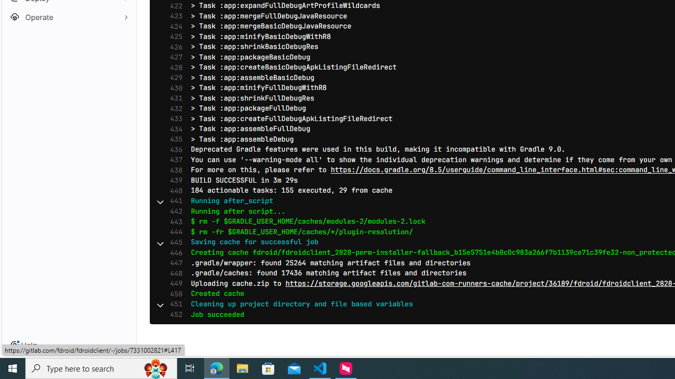 The width and height of the screenshot is (675, 379). Describe the element at coordinates (69, 17) in the screenshot. I see `'Operate'` at that location.